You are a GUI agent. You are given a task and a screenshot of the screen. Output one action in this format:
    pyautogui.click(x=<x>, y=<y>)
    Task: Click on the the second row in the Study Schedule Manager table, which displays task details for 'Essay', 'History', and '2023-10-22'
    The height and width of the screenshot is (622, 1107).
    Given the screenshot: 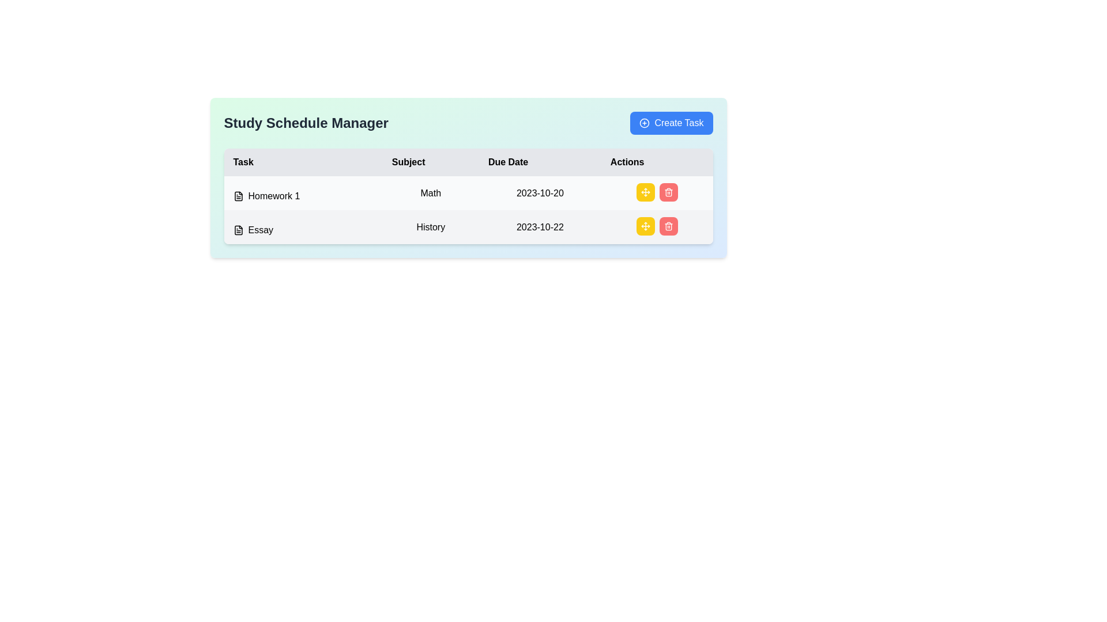 What is the action you would take?
    pyautogui.click(x=468, y=227)
    